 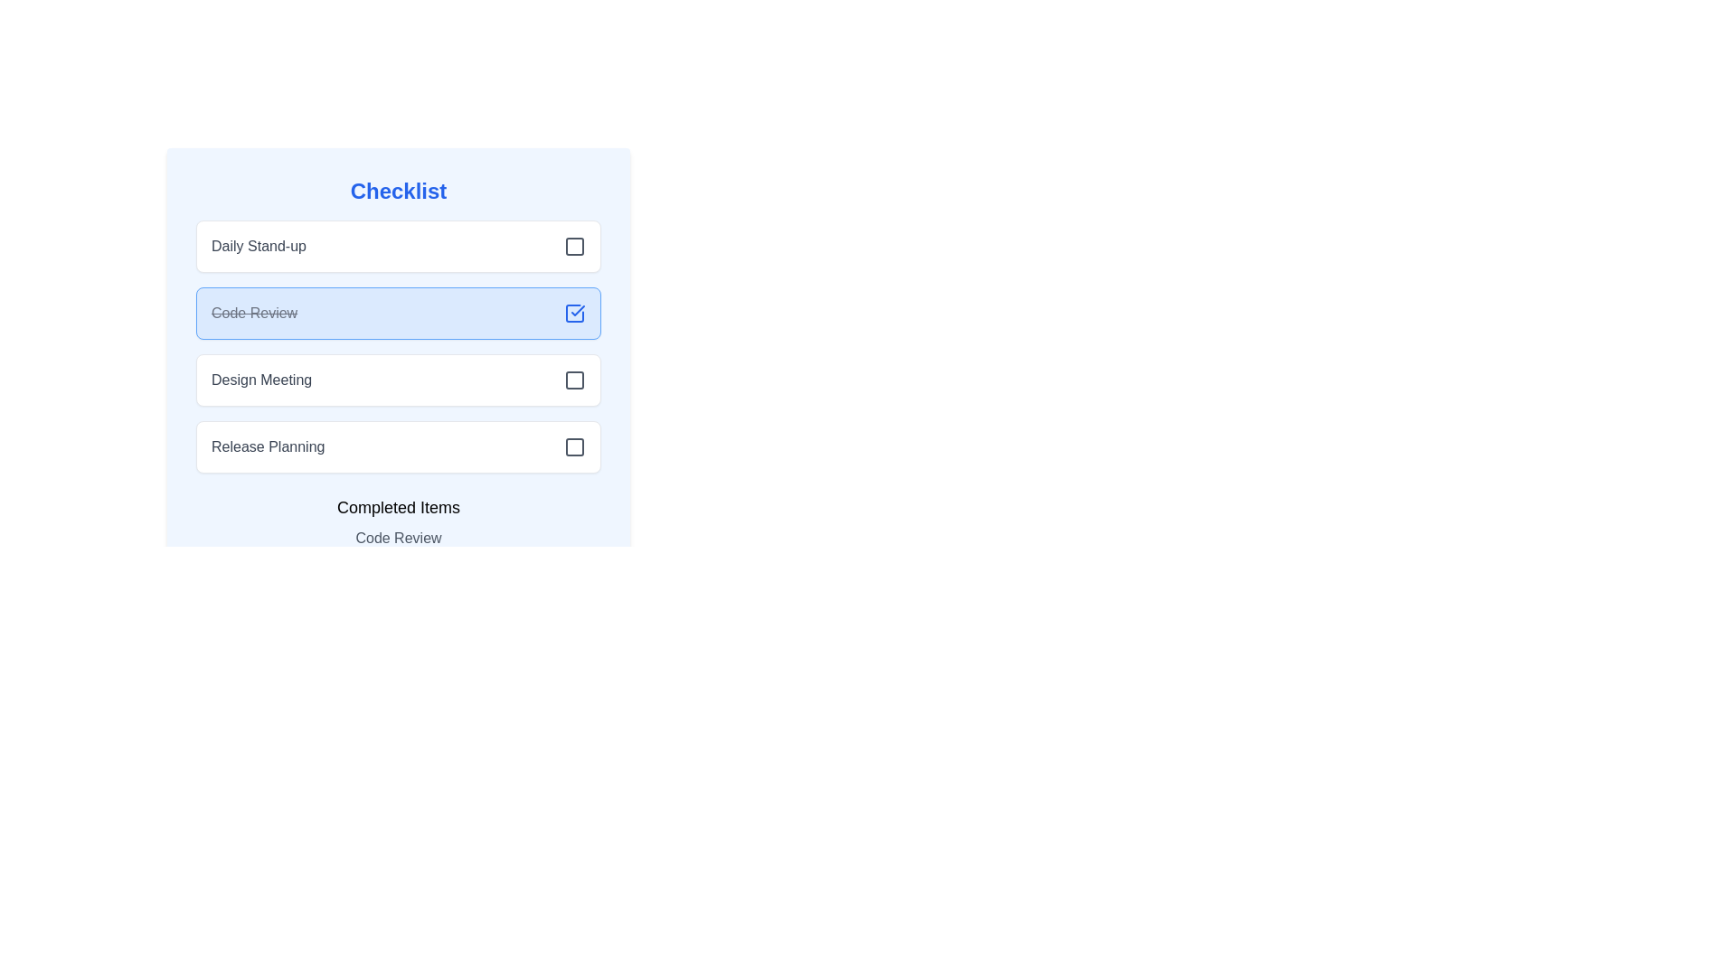 What do you see at coordinates (573, 247) in the screenshot?
I see `the first Checkbox in the Checklist section, which is a square-shaped icon with softened corners and a gray outline, located` at bounding box center [573, 247].